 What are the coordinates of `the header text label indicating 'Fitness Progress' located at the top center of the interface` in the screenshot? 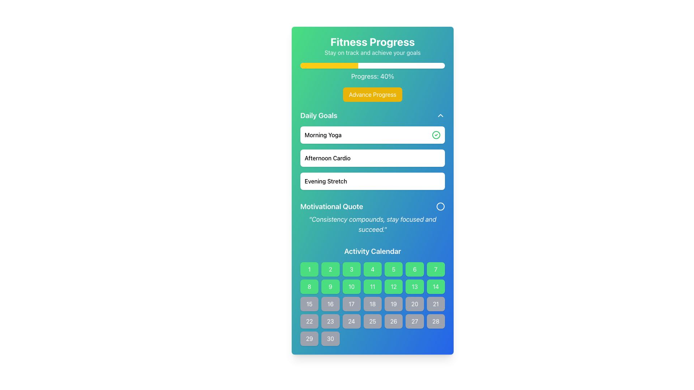 It's located at (373, 42).